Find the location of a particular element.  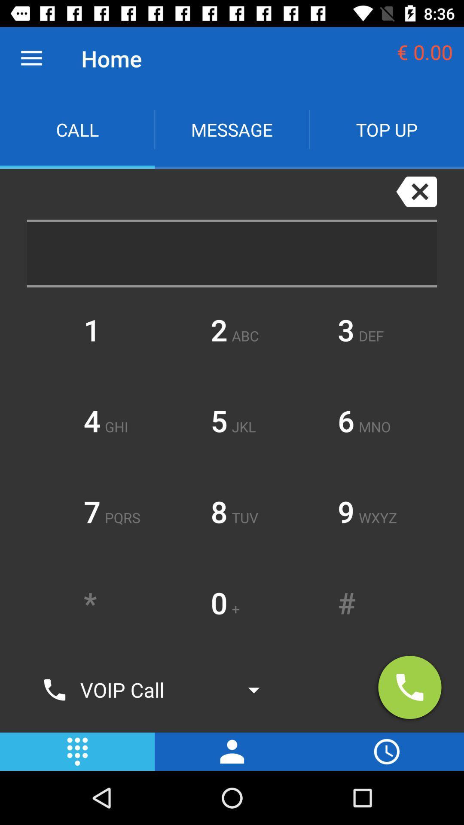

the app below call is located at coordinates (205, 194).